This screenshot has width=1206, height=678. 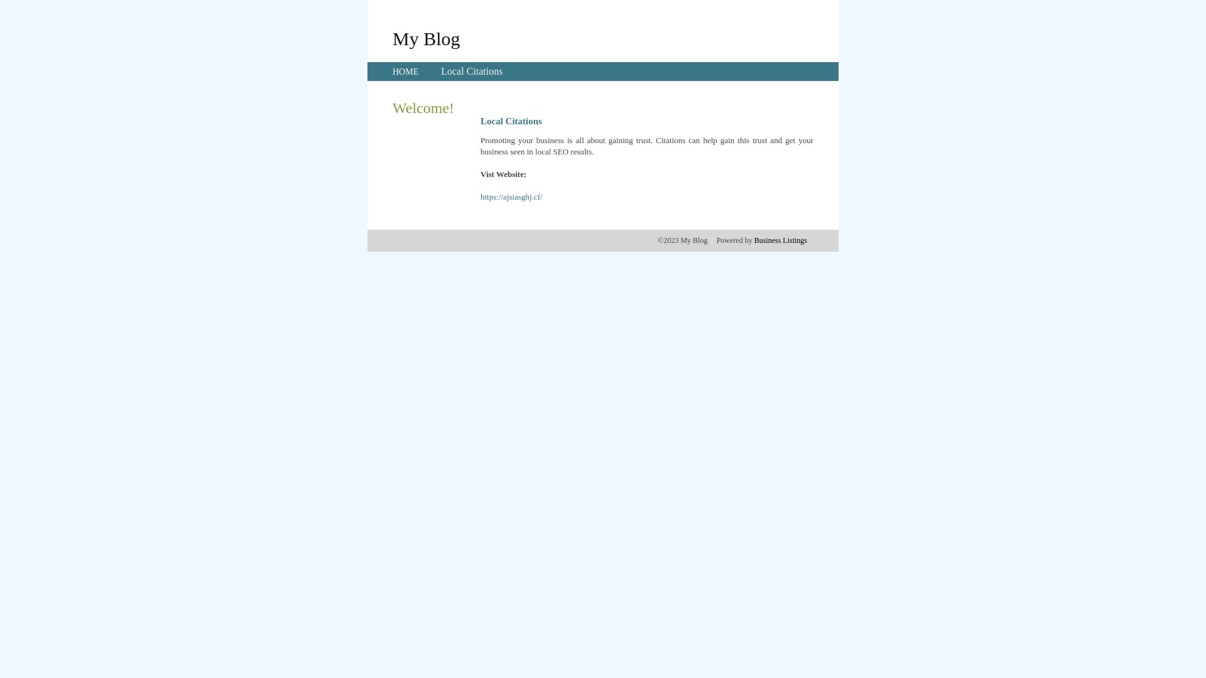 What do you see at coordinates (391, 72) in the screenshot?
I see `'HOME'` at bounding box center [391, 72].